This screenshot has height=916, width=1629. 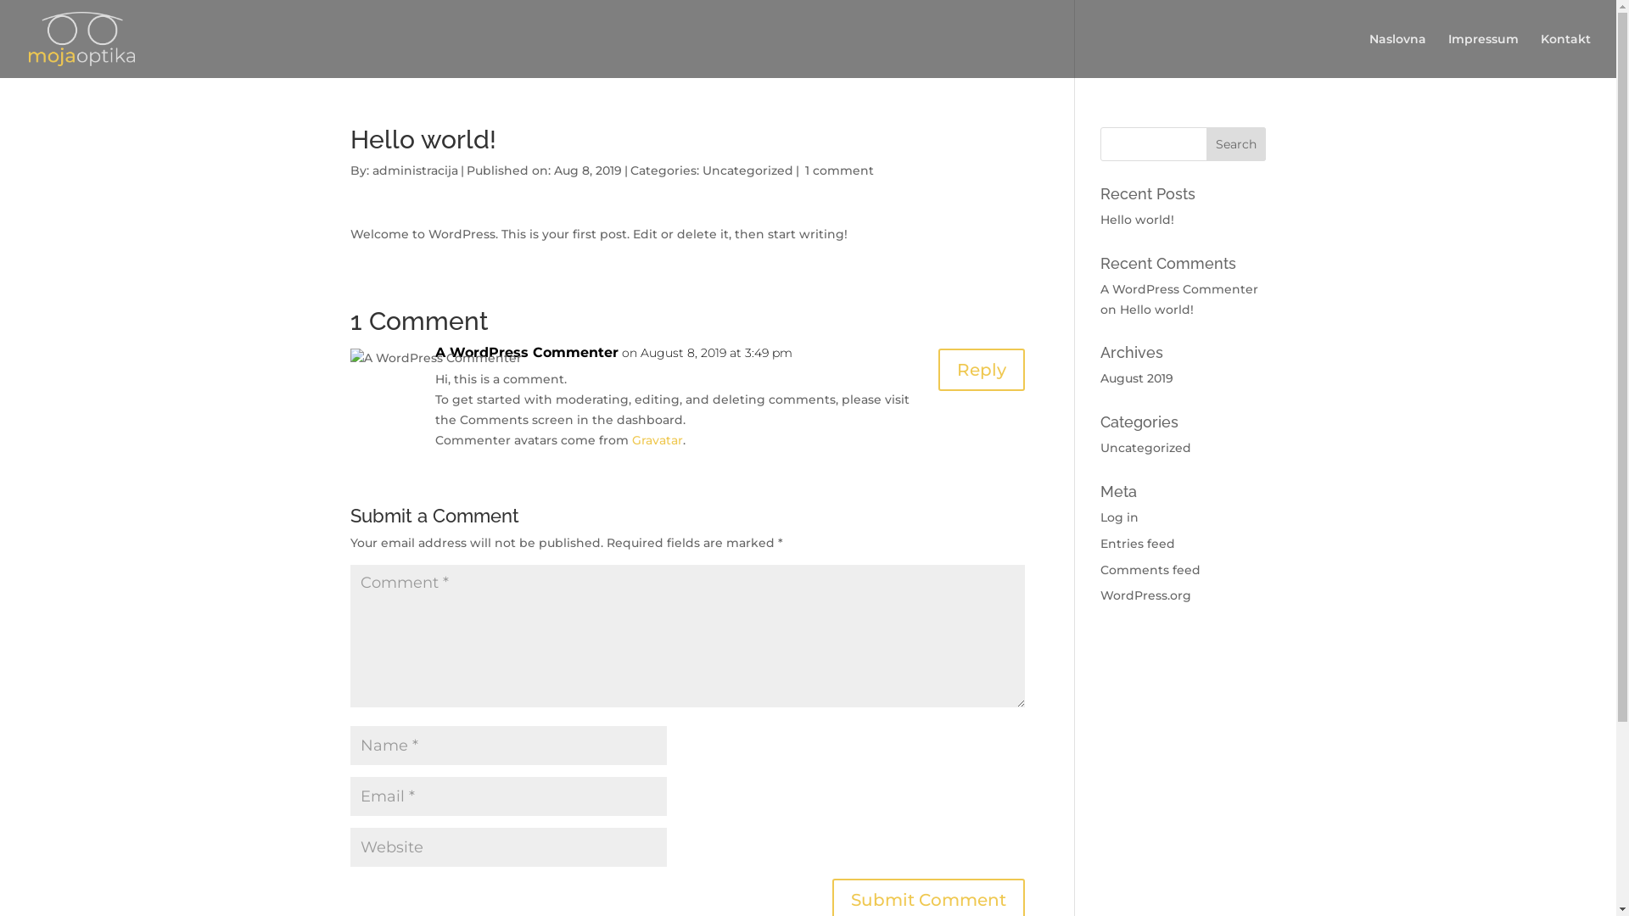 I want to click on 'Log in', so click(x=1119, y=516).